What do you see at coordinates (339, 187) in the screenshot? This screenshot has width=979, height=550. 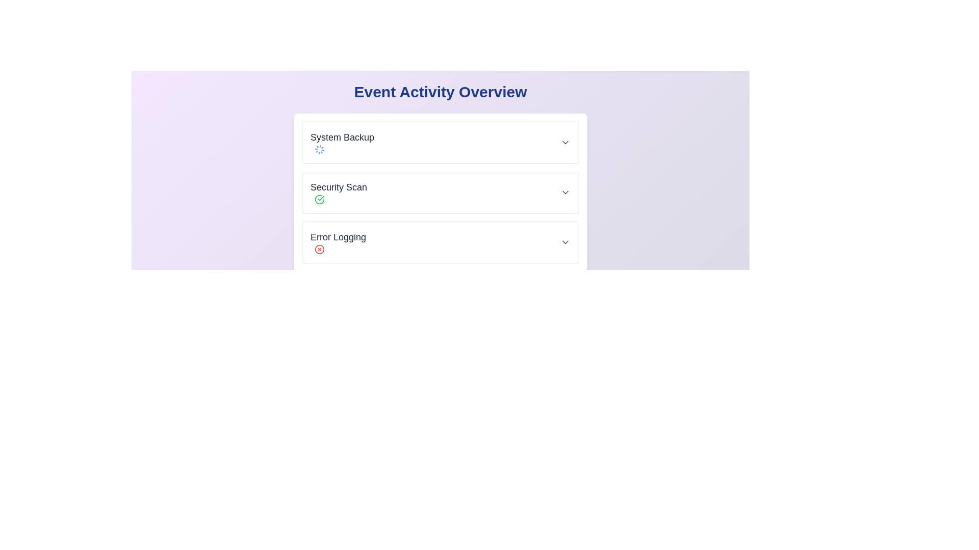 I see `the 'Security Scan' text element, which is bold and dark gray, centrally aligned as the second item in a vertical list` at bounding box center [339, 187].